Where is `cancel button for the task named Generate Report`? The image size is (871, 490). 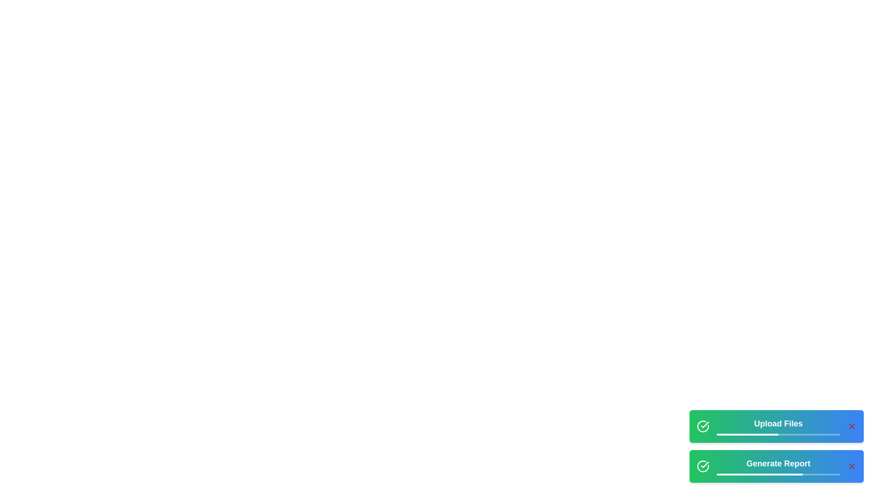 cancel button for the task named Generate Report is located at coordinates (851, 466).